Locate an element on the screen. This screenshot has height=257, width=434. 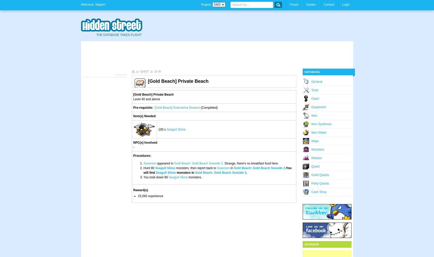
'monsters in' is located at coordinates (185, 173).